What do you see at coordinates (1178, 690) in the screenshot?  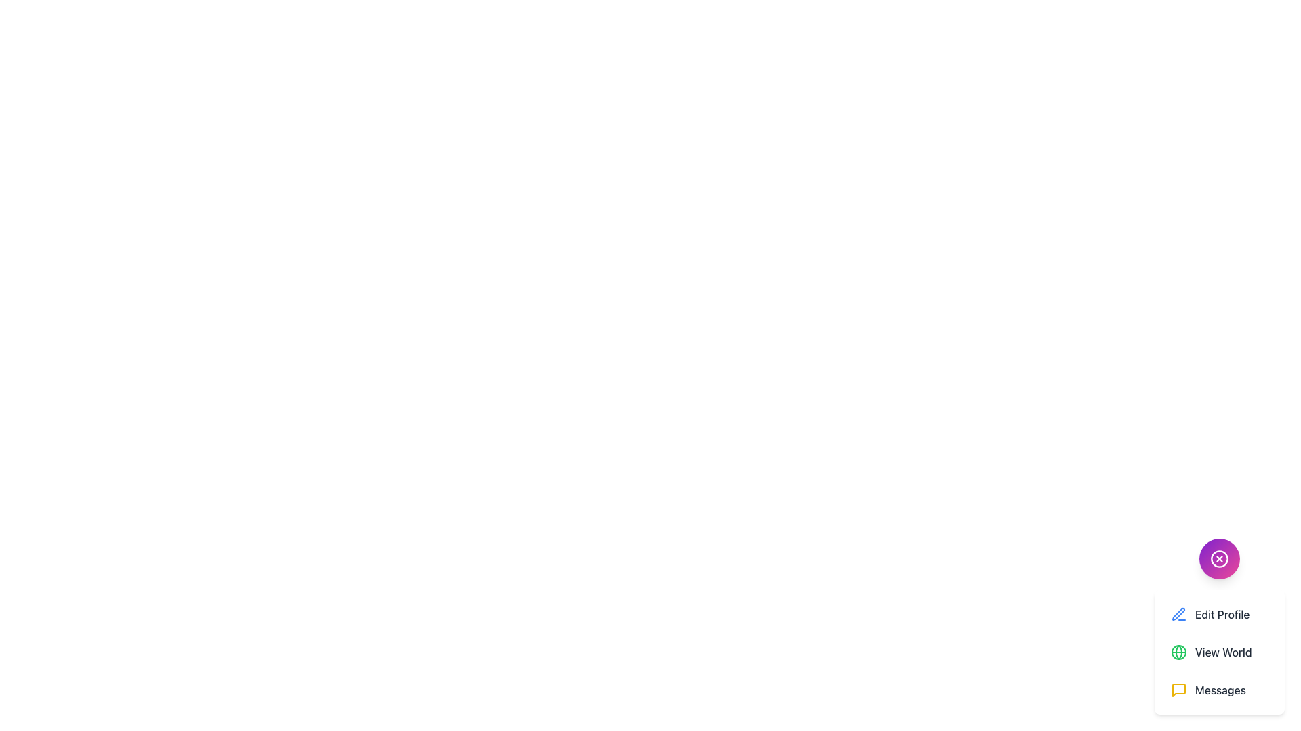 I see `the 'Messages' menu item` at bounding box center [1178, 690].